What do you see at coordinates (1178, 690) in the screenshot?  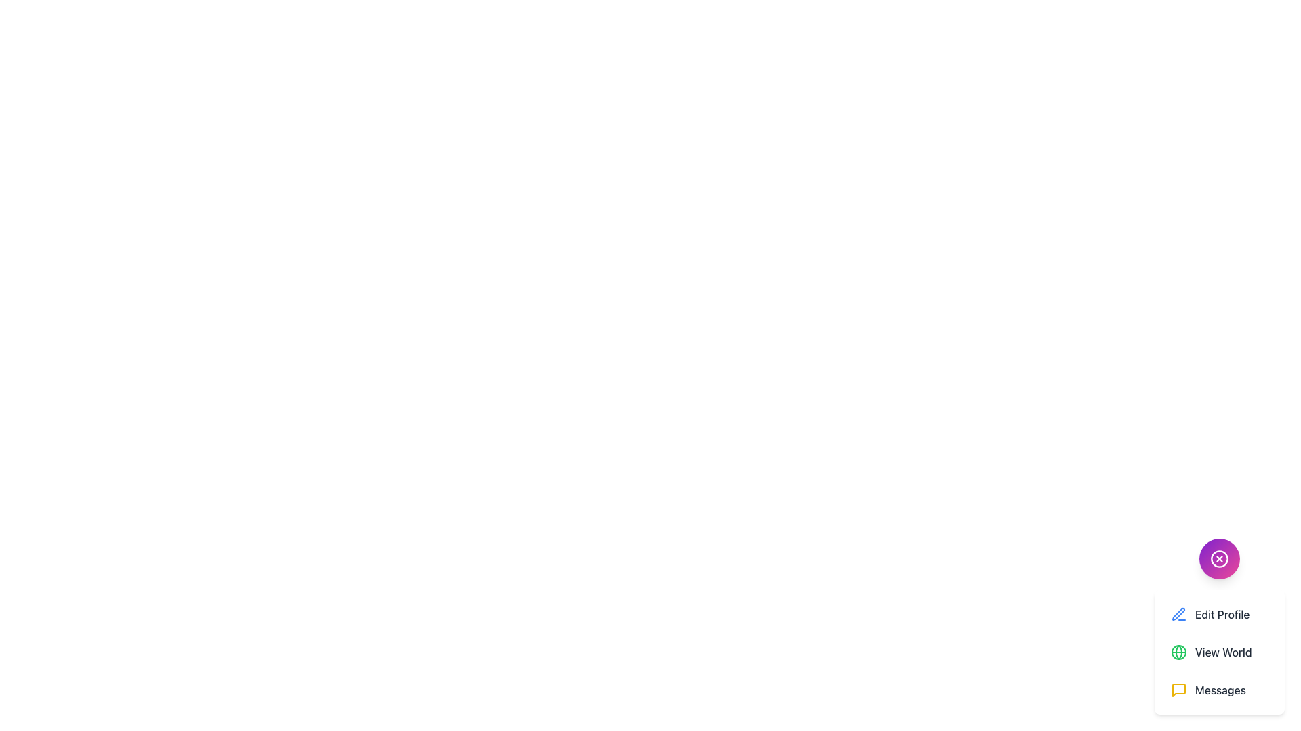 I see `the 'Messages' menu item` at bounding box center [1178, 690].